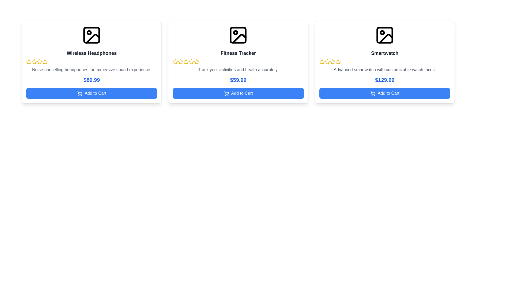 The height and width of the screenshot is (289, 514). What do you see at coordinates (92, 35) in the screenshot?
I see `the image placeholder icon with a black outline and rounded border located at the topmost position of the 'Wireless Headphones' product card` at bounding box center [92, 35].